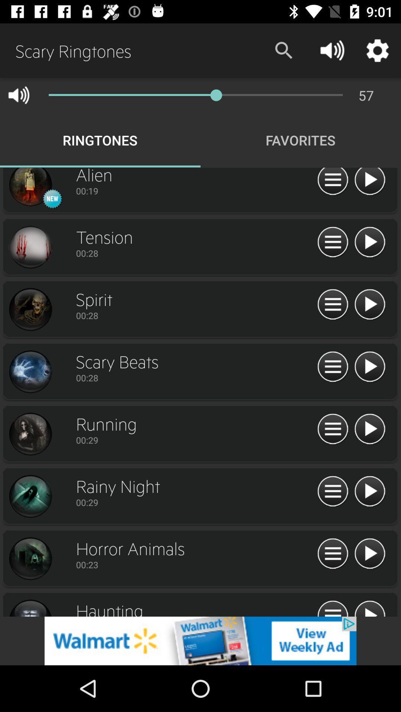 Image resolution: width=401 pixels, height=712 pixels. Describe the element at coordinates (369, 304) in the screenshot. I see `song` at that location.